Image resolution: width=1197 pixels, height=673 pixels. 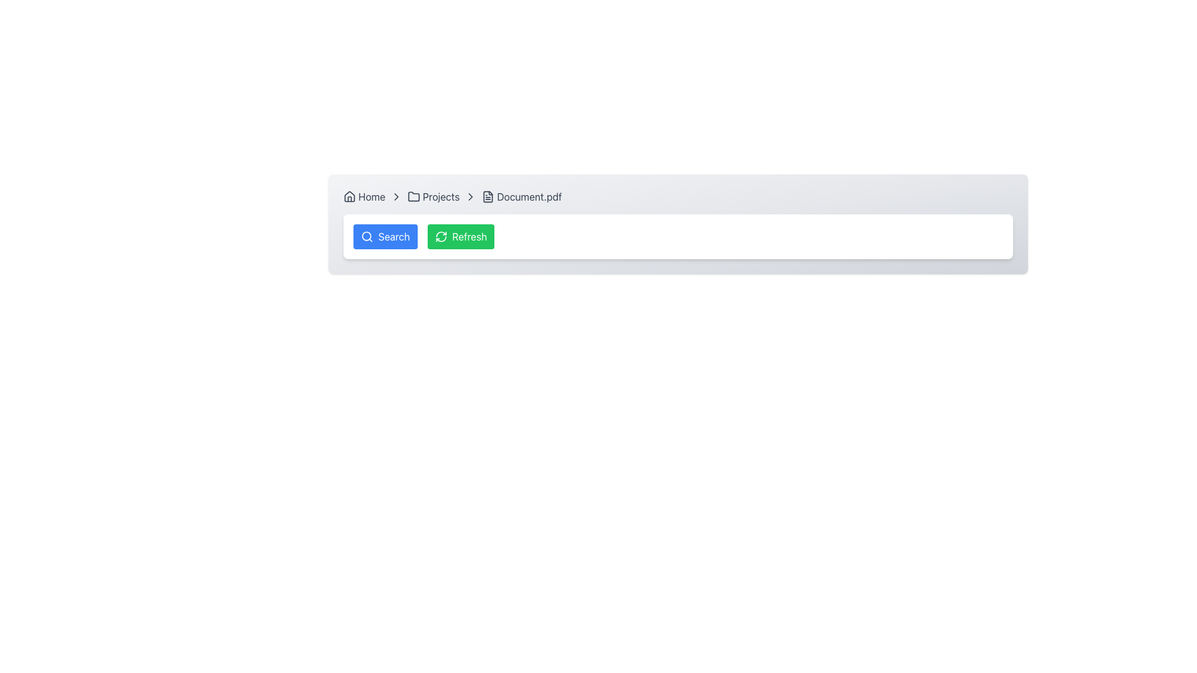 I want to click on the file name text element in the breadcrumb trail, so click(x=529, y=196).